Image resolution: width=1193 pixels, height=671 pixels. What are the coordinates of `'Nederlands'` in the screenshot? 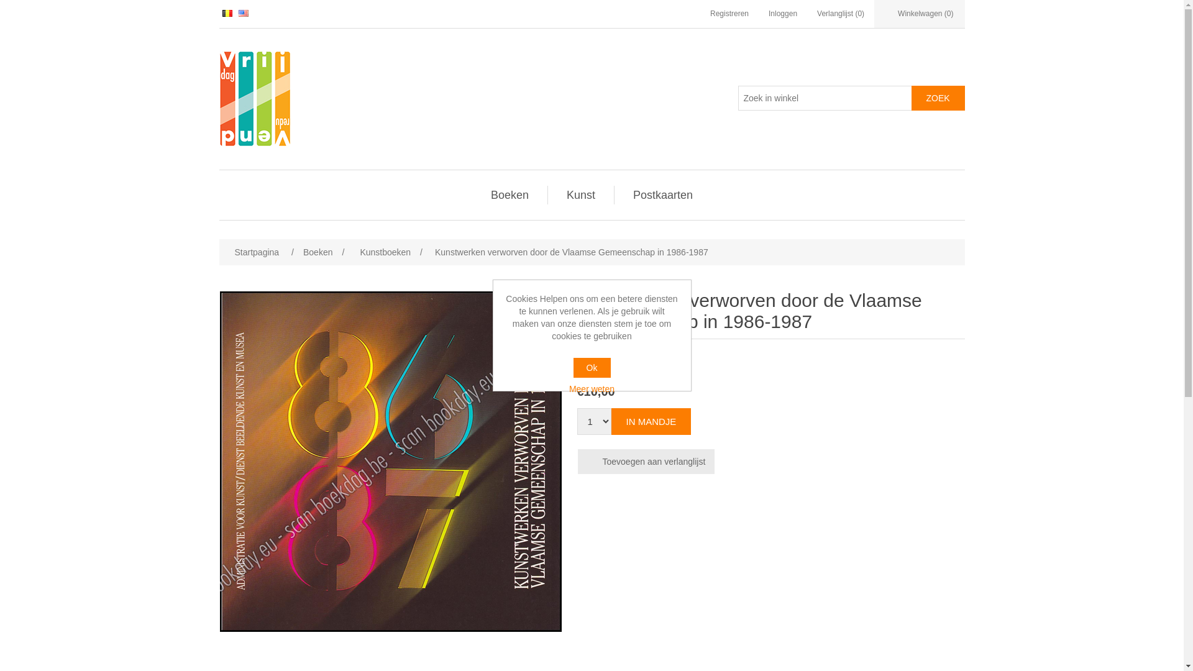 It's located at (227, 13).